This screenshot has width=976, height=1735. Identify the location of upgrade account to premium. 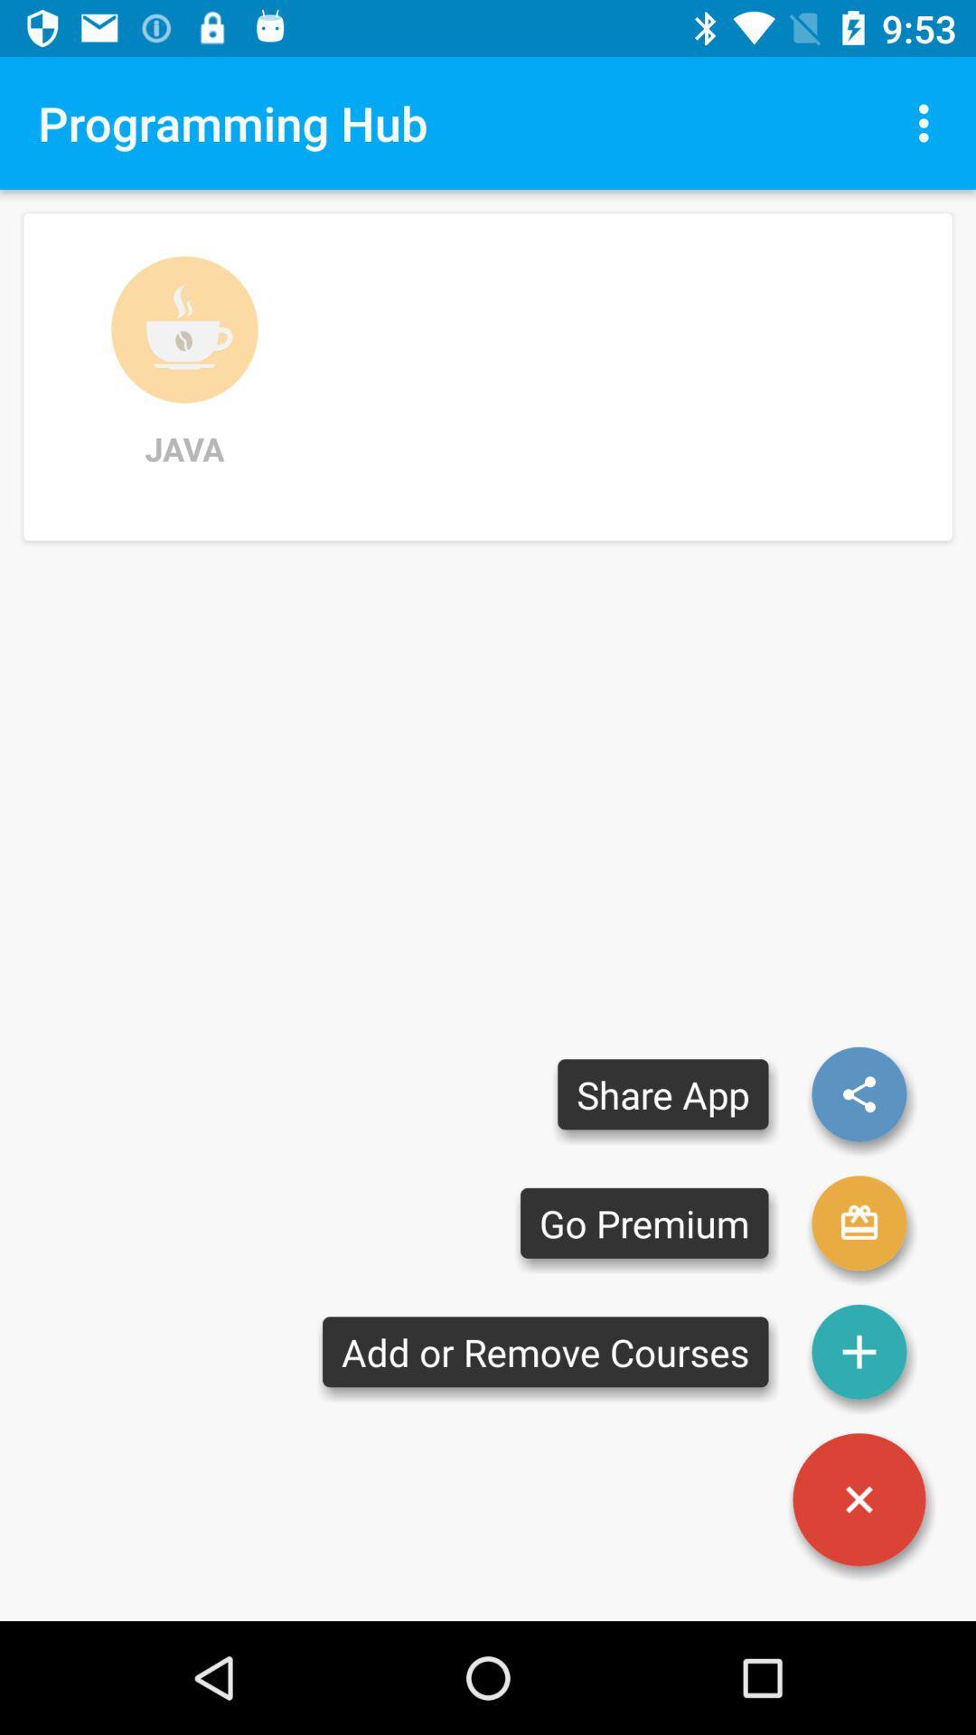
(859, 1223).